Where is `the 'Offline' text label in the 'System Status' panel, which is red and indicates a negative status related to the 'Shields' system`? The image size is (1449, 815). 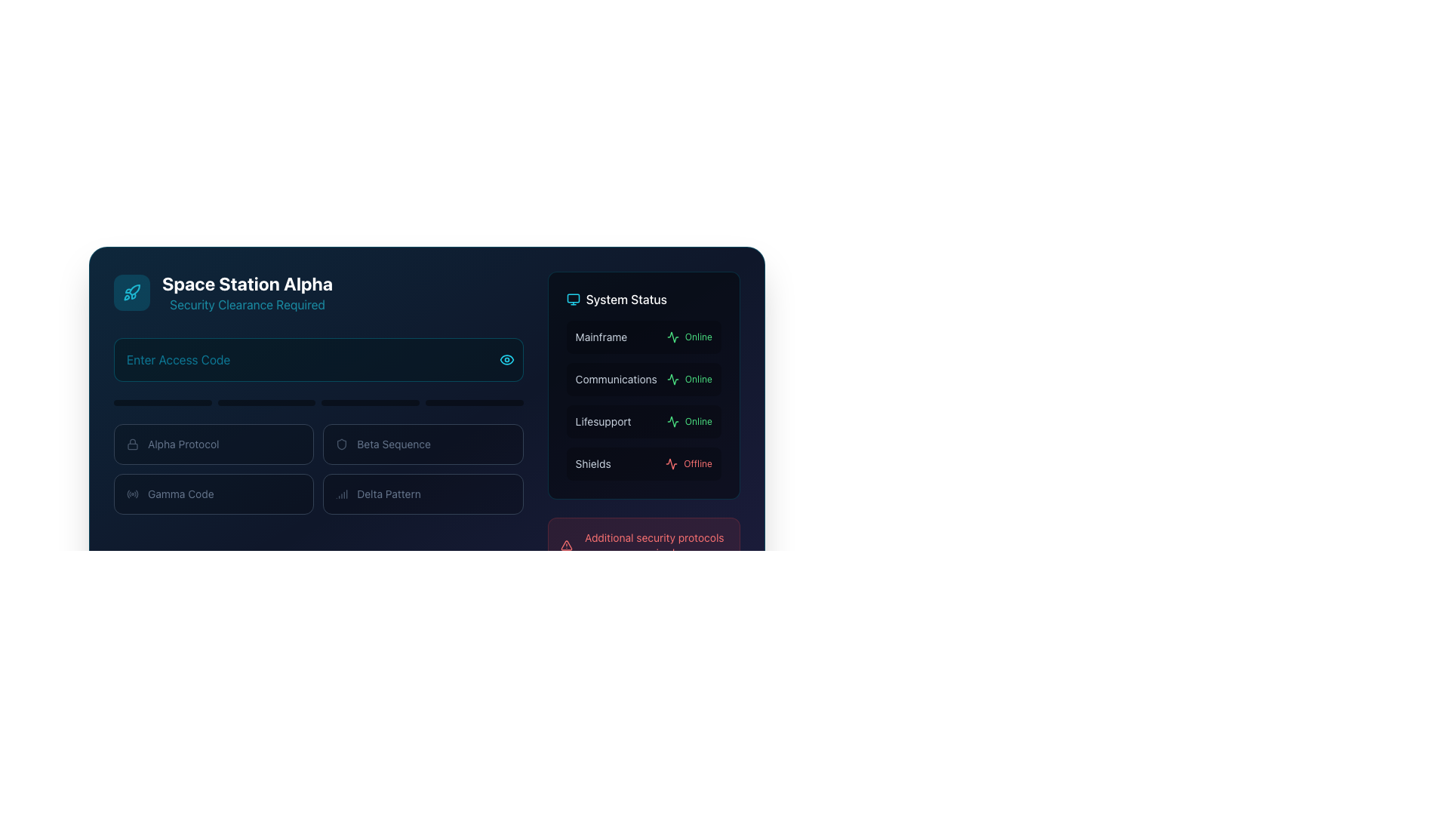 the 'Offline' text label in the 'System Status' panel, which is red and indicates a negative status related to the 'Shields' system is located at coordinates (697, 463).